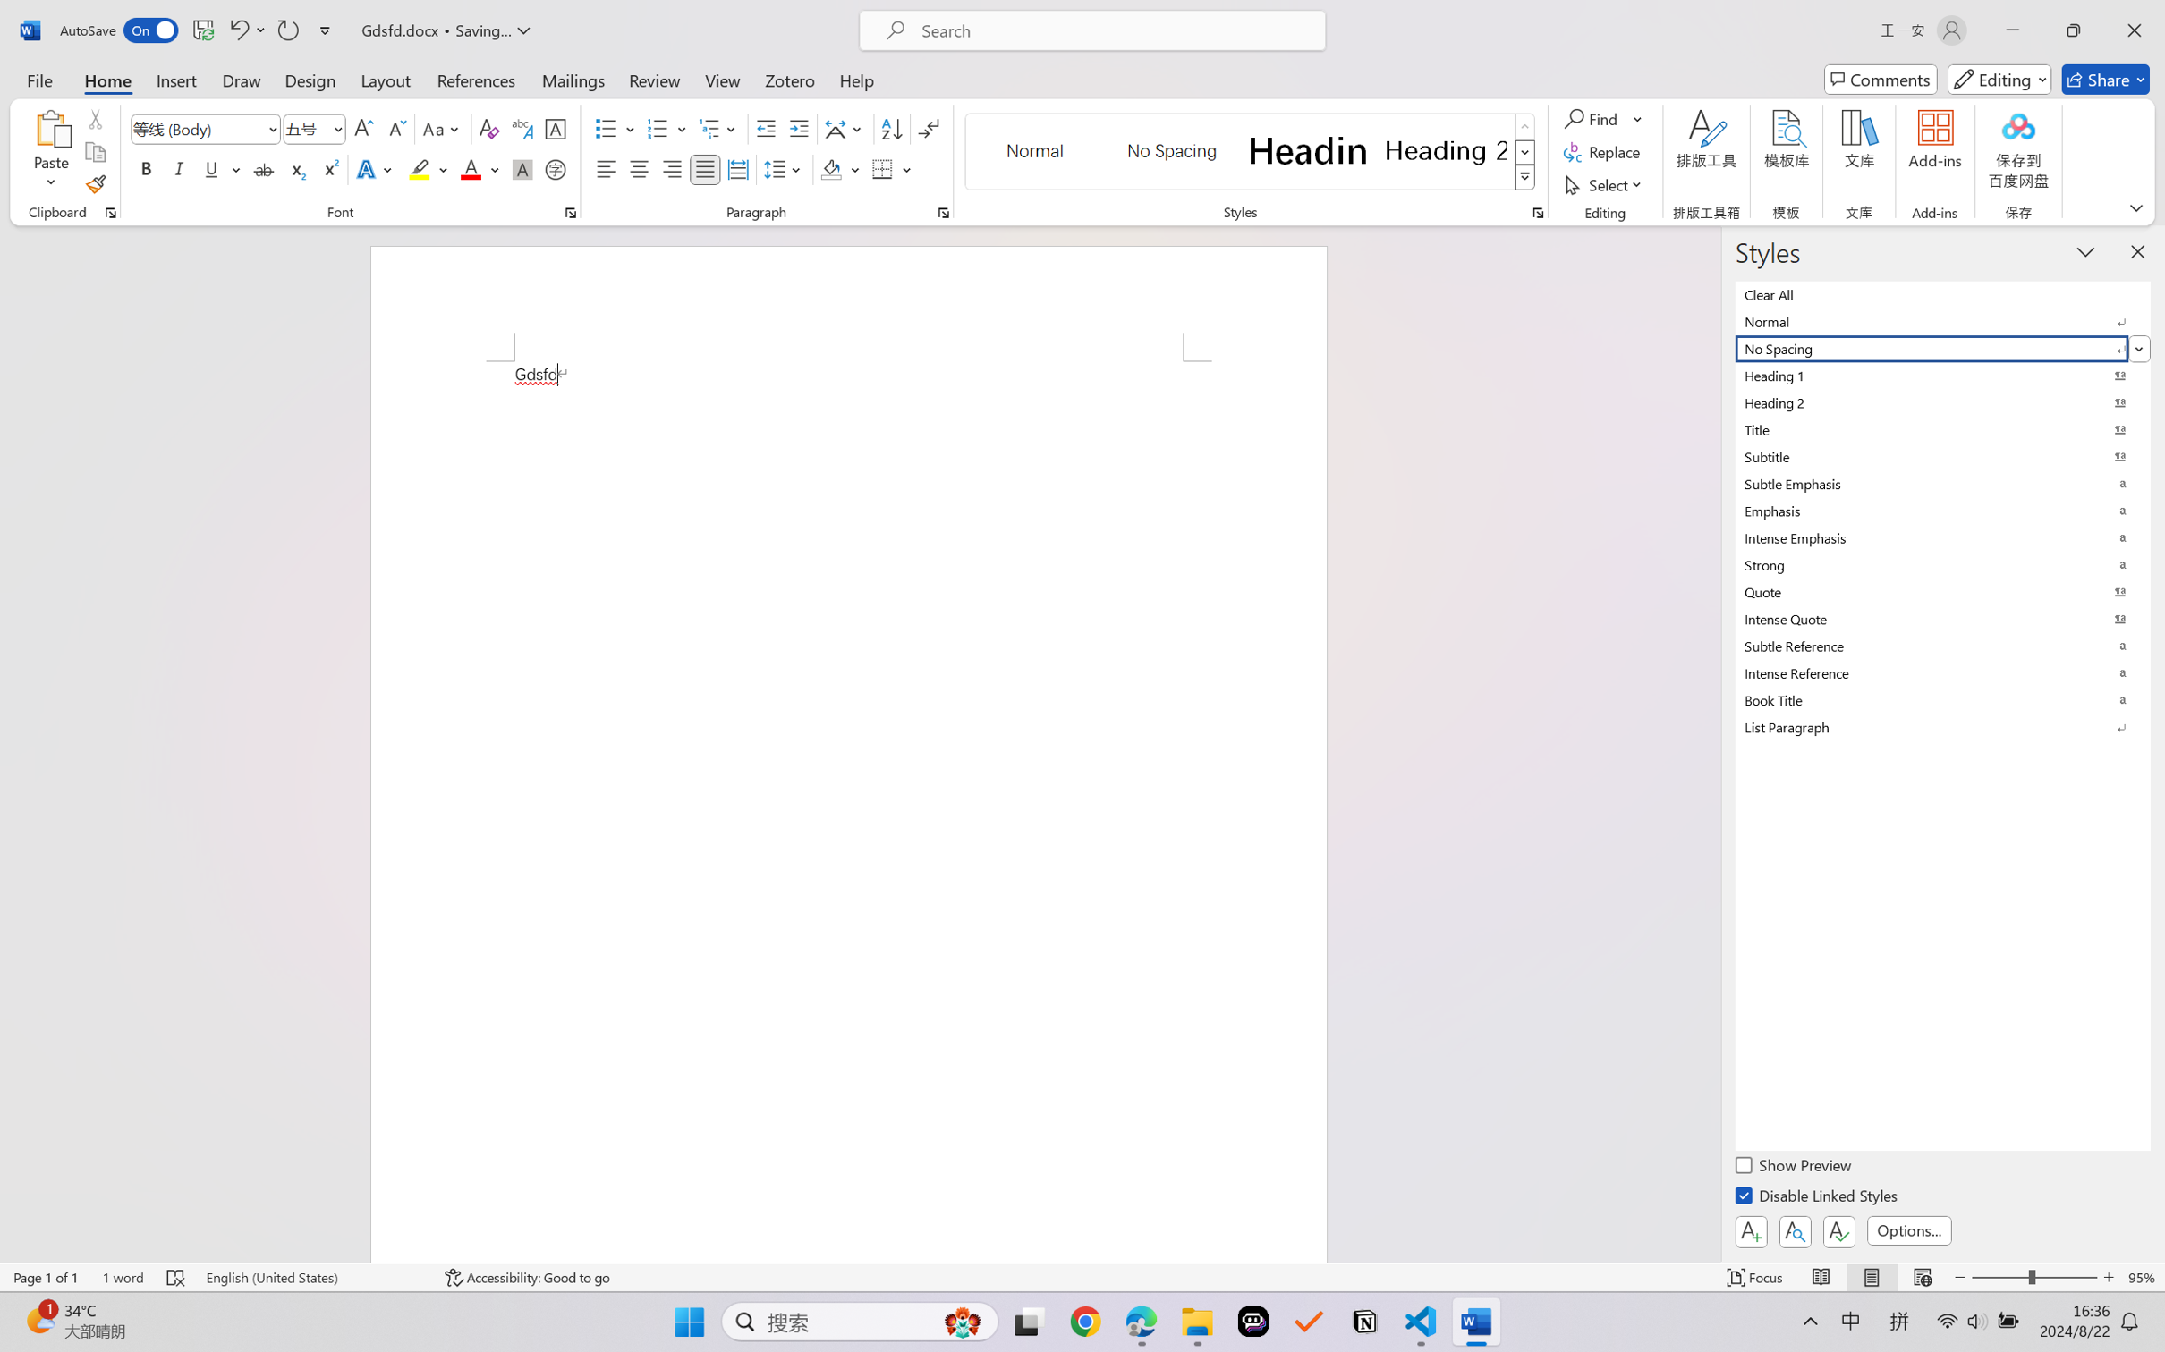 This screenshot has width=2165, height=1352. What do you see at coordinates (1602, 152) in the screenshot?
I see `'Replace...'` at bounding box center [1602, 152].